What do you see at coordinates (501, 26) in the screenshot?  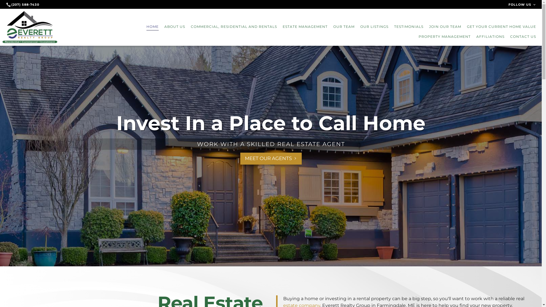 I see `'GET YOUR CURRENT HOME VALUE'` at bounding box center [501, 26].